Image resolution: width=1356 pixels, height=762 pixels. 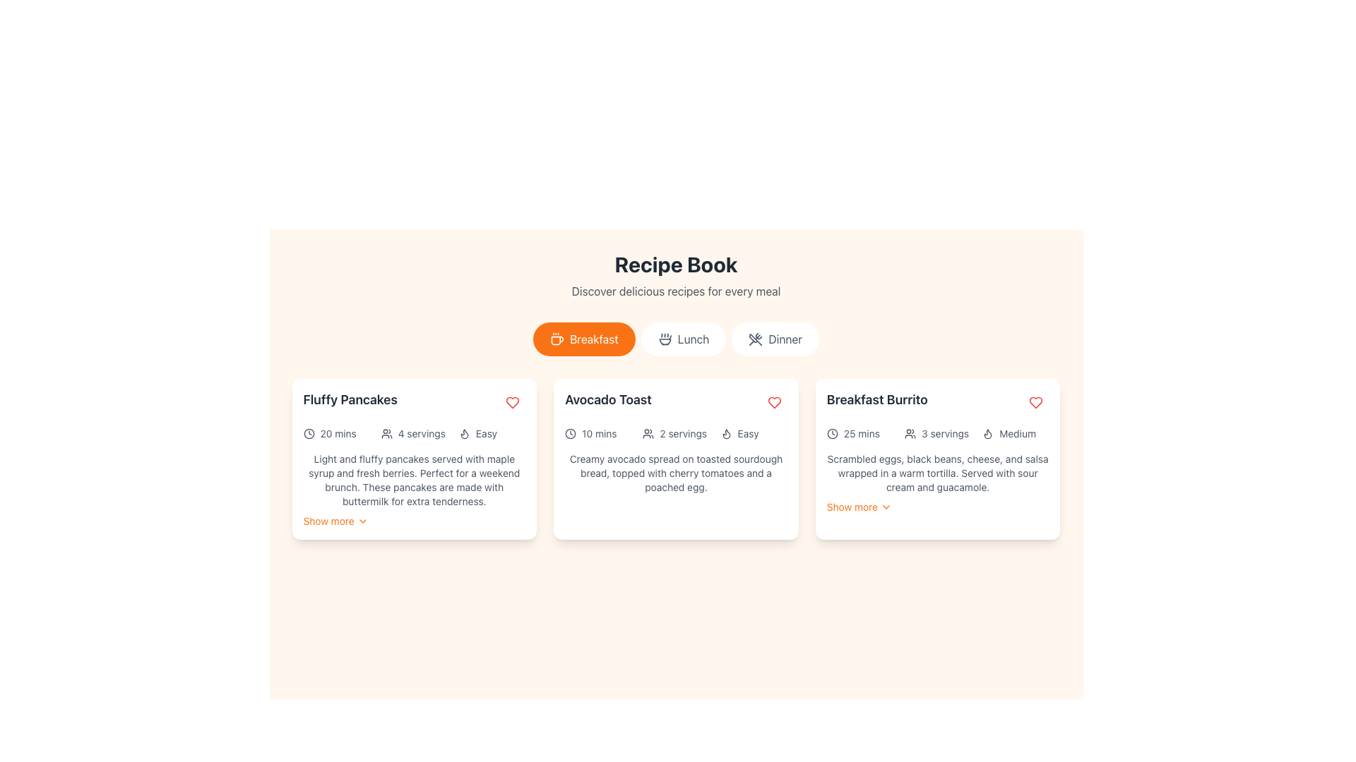 What do you see at coordinates (675, 339) in the screenshot?
I see `the 'Lunch' category button` at bounding box center [675, 339].